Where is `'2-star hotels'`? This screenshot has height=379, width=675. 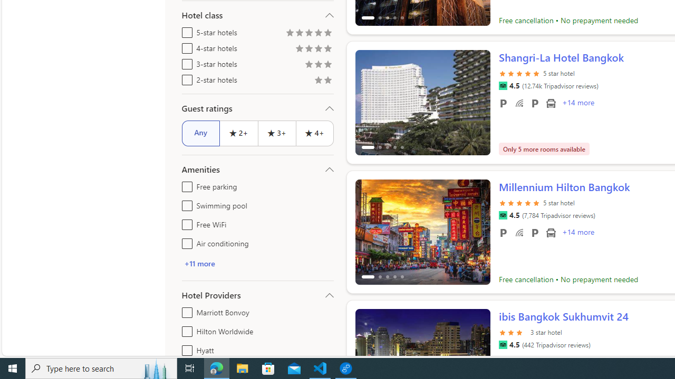 '2-star hotels' is located at coordinates (185, 77).